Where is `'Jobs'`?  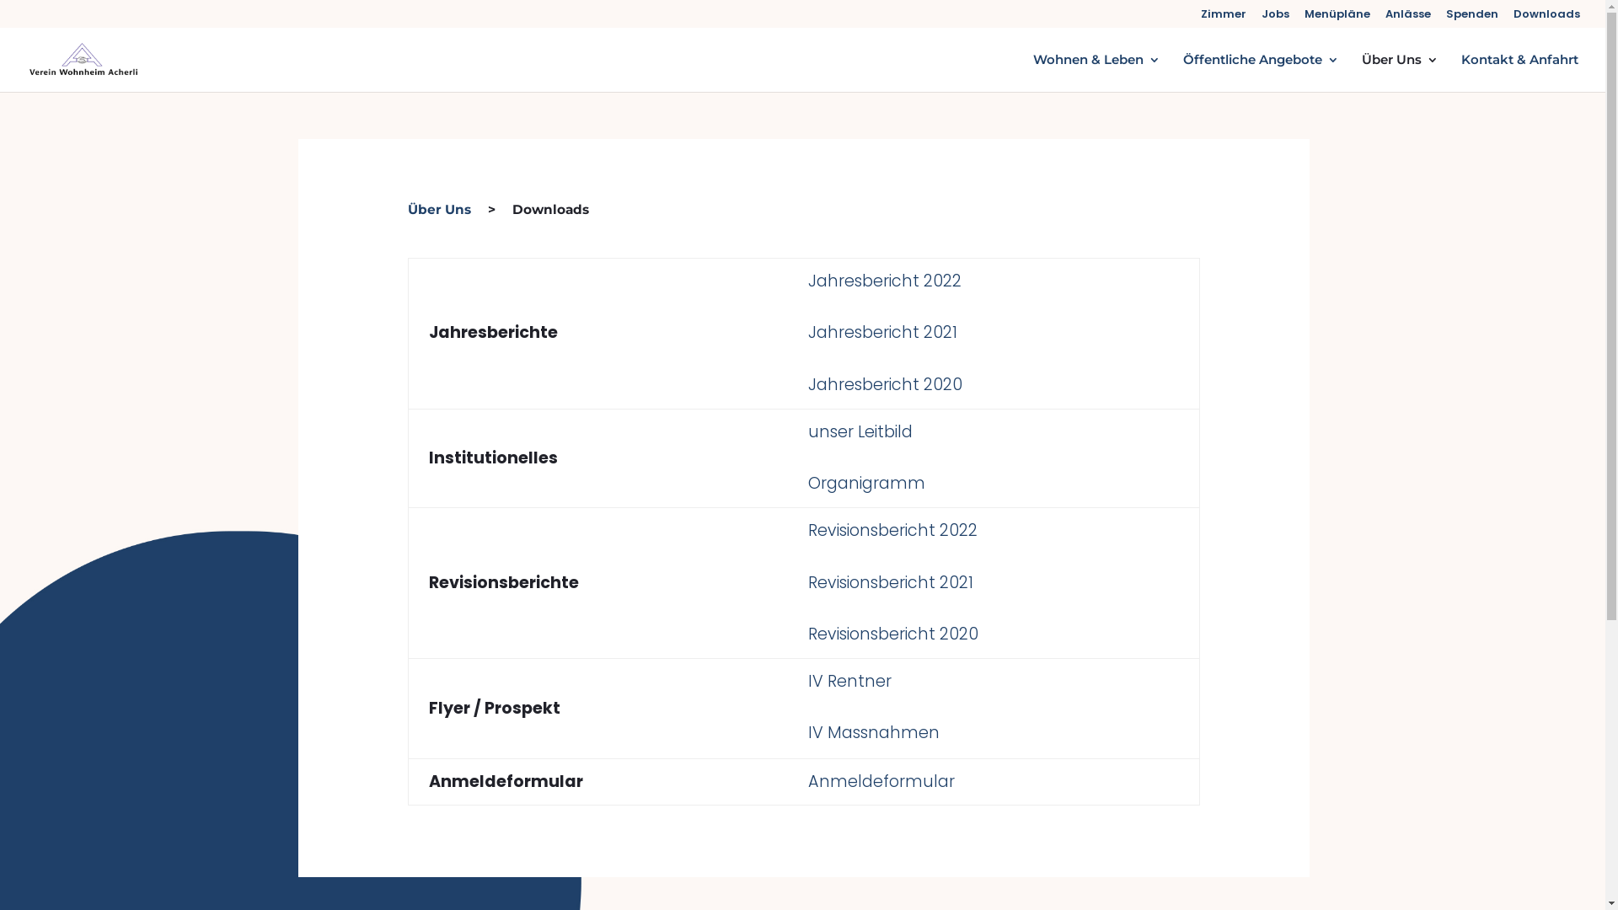
'Jobs' is located at coordinates (1275, 18).